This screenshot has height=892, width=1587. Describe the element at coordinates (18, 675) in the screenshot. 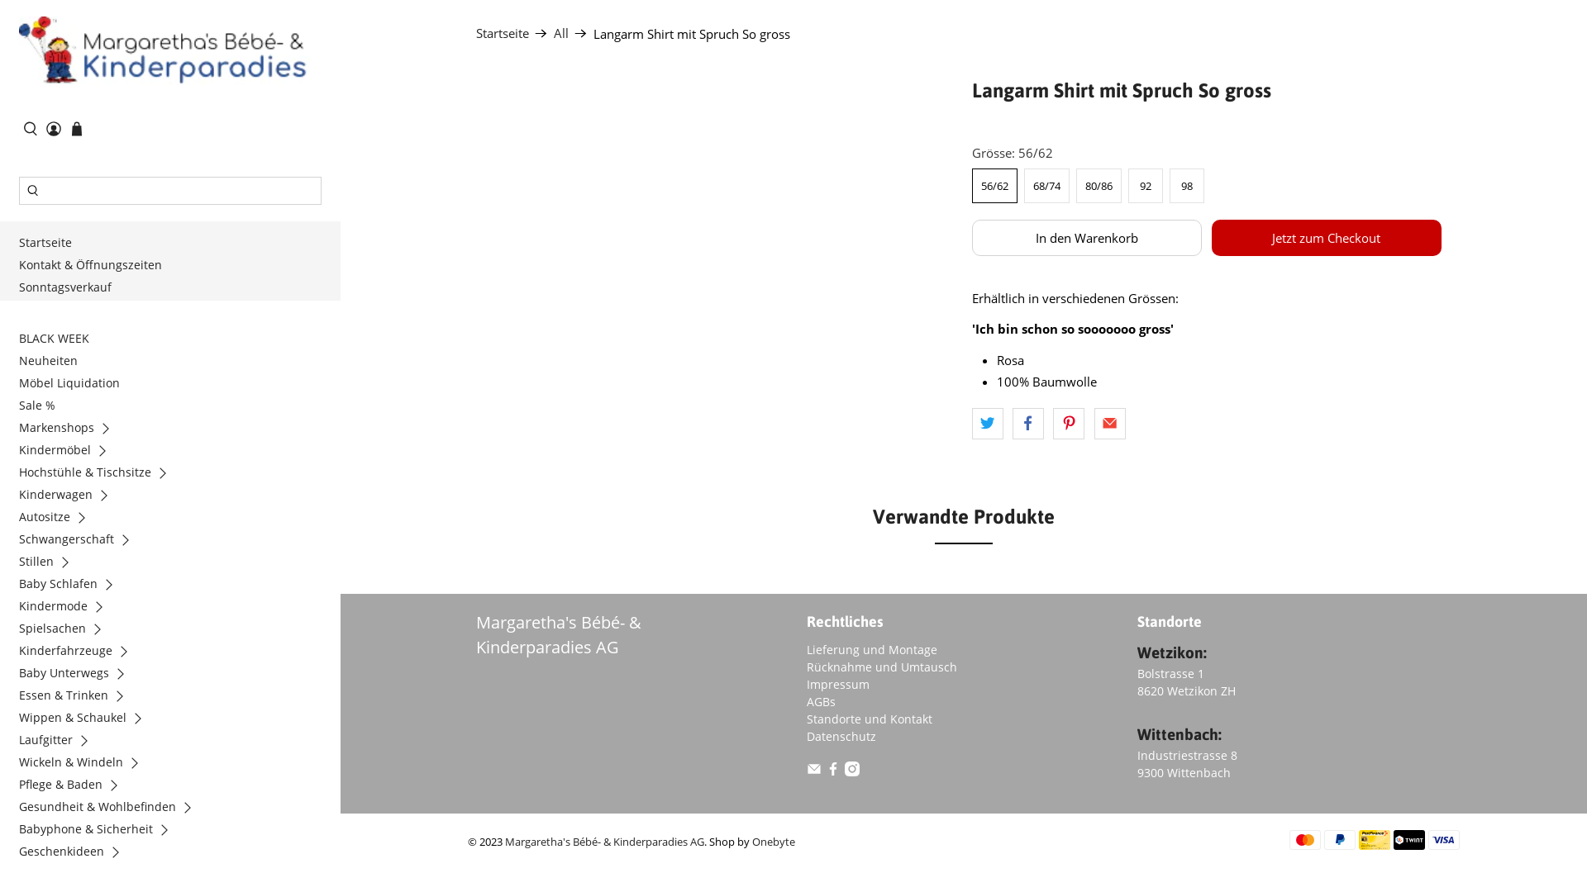

I see `'Baby Unterwegs'` at that location.